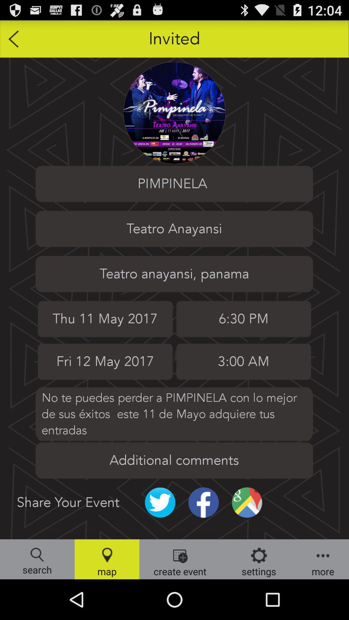 This screenshot has width=349, height=620. I want to click on the time 630 pm, so click(243, 319).